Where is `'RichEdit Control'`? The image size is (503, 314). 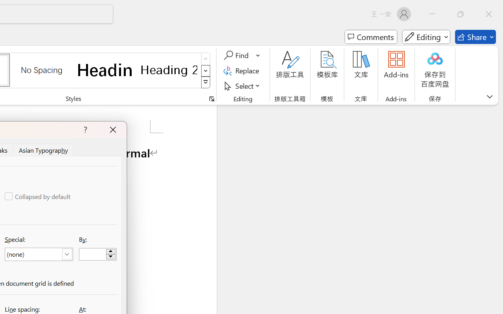 'RichEdit Control' is located at coordinates (93, 254).